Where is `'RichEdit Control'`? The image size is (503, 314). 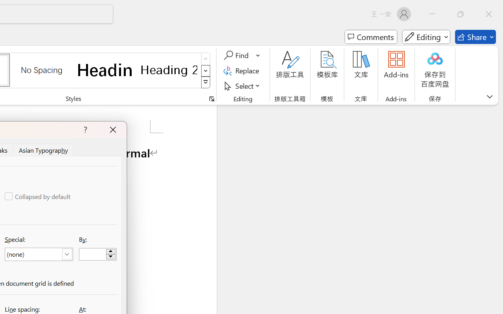 'RichEdit Control' is located at coordinates (93, 254).